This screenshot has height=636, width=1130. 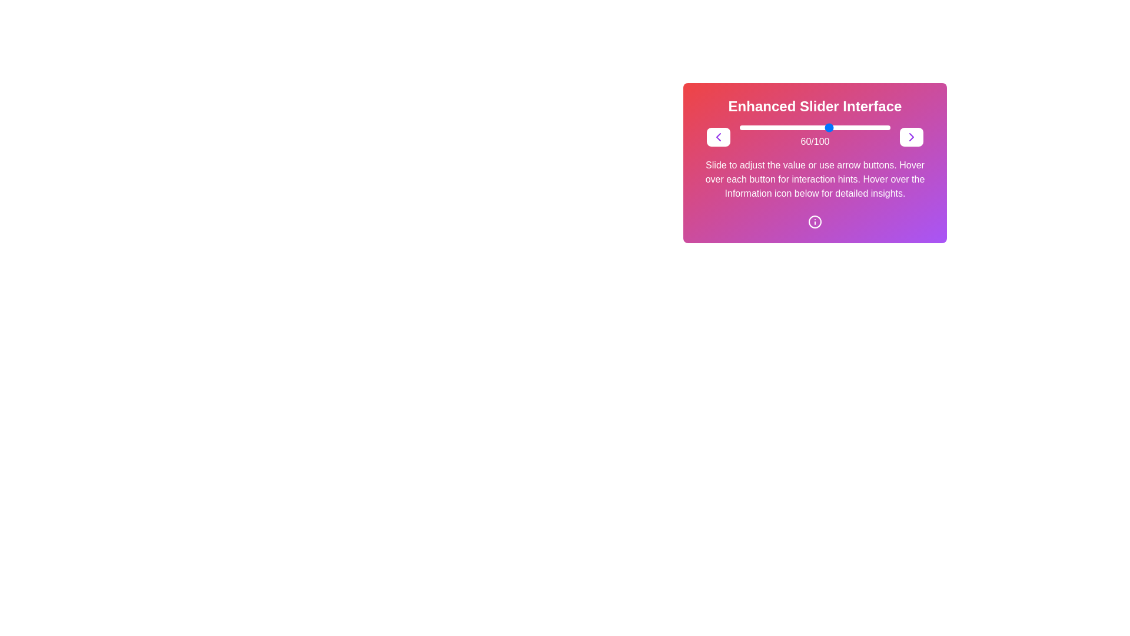 What do you see at coordinates (870, 127) in the screenshot?
I see `the slider` at bounding box center [870, 127].